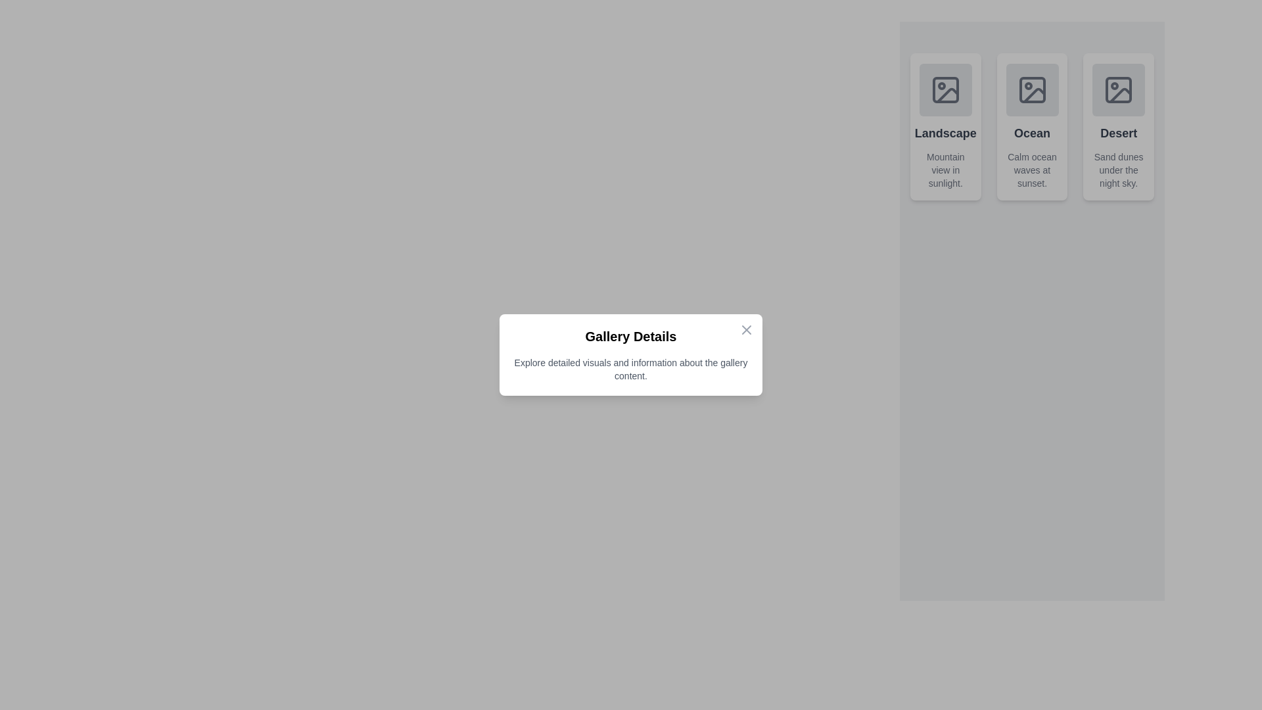 This screenshot has width=1262, height=710. Describe the element at coordinates (945, 133) in the screenshot. I see `the Text label at the top section of the leftmost card in a group of three cards` at that location.